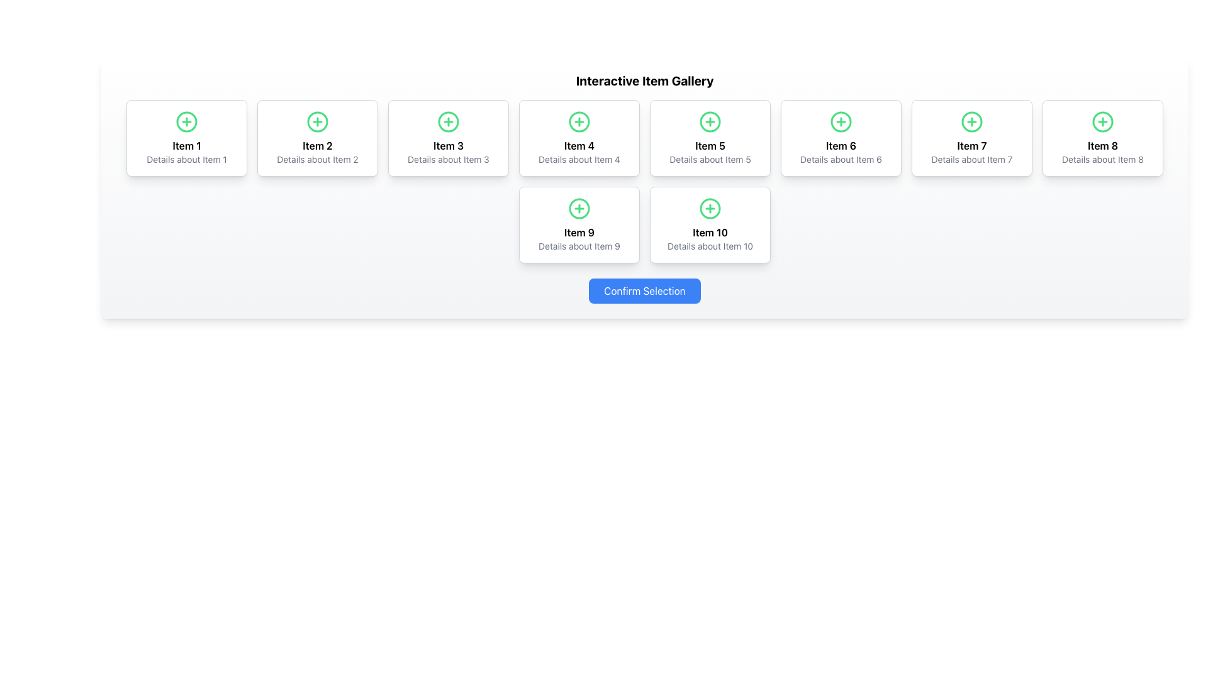 The width and height of the screenshot is (1208, 679). What do you see at coordinates (579, 121) in the screenshot?
I see `the Circular Button Icon located in the card labeled 'Item 4'` at bounding box center [579, 121].